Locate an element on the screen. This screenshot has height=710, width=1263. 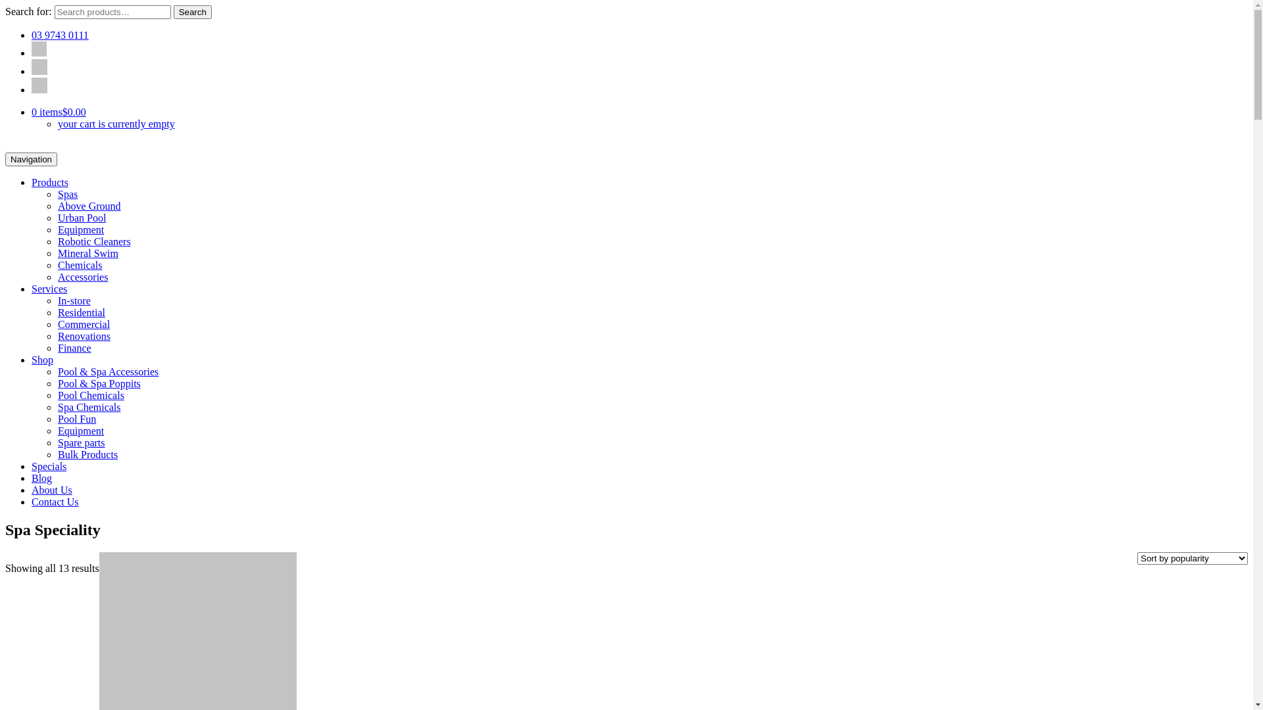
'Robotic Cleaners' is located at coordinates (93, 241).